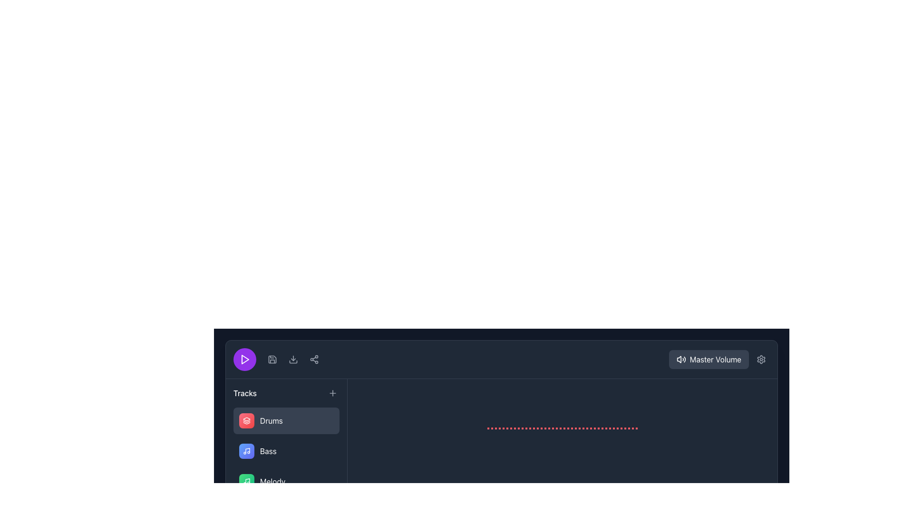 This screenshot has height=513, width=913. I want to click on the sharing icon button located in the top navigation bar, to the right of the main play button, so click(314, 359).